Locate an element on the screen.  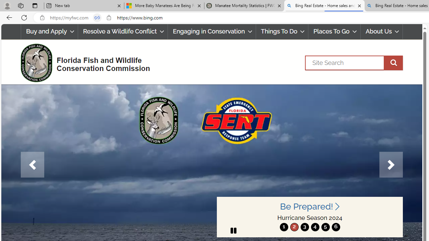
'About Us' is located at coordinates (381, 31).